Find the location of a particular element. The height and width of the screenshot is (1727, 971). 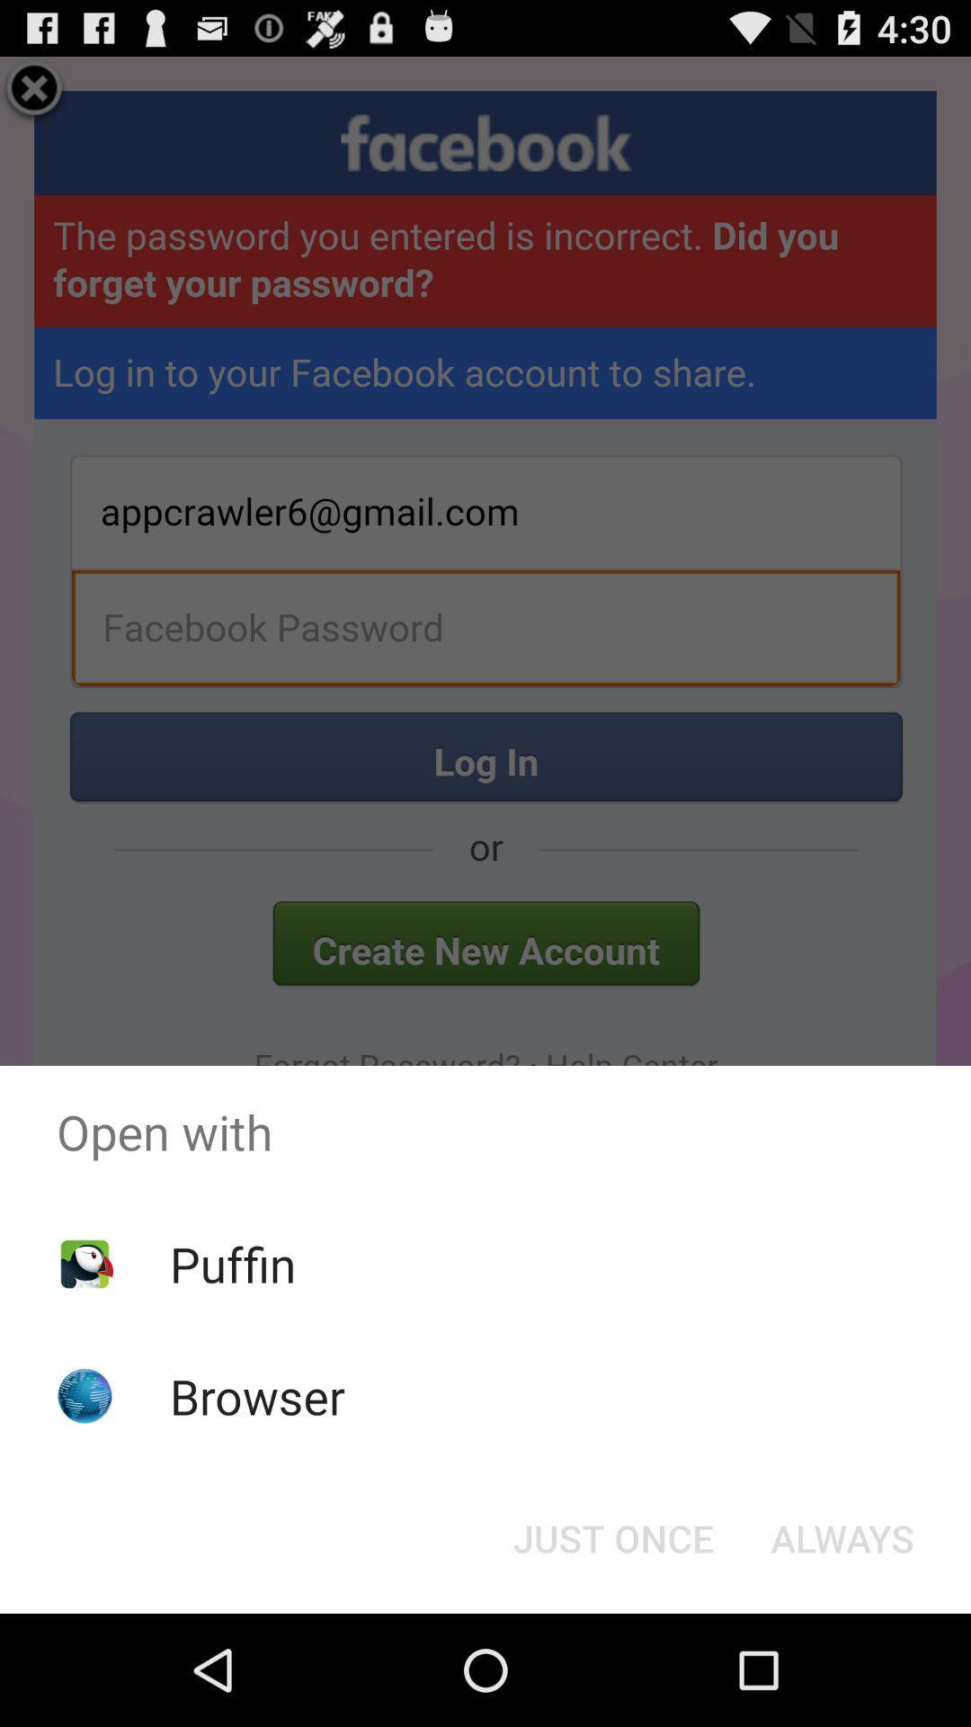

icon below puffin is located at coordinates (257, 1395).